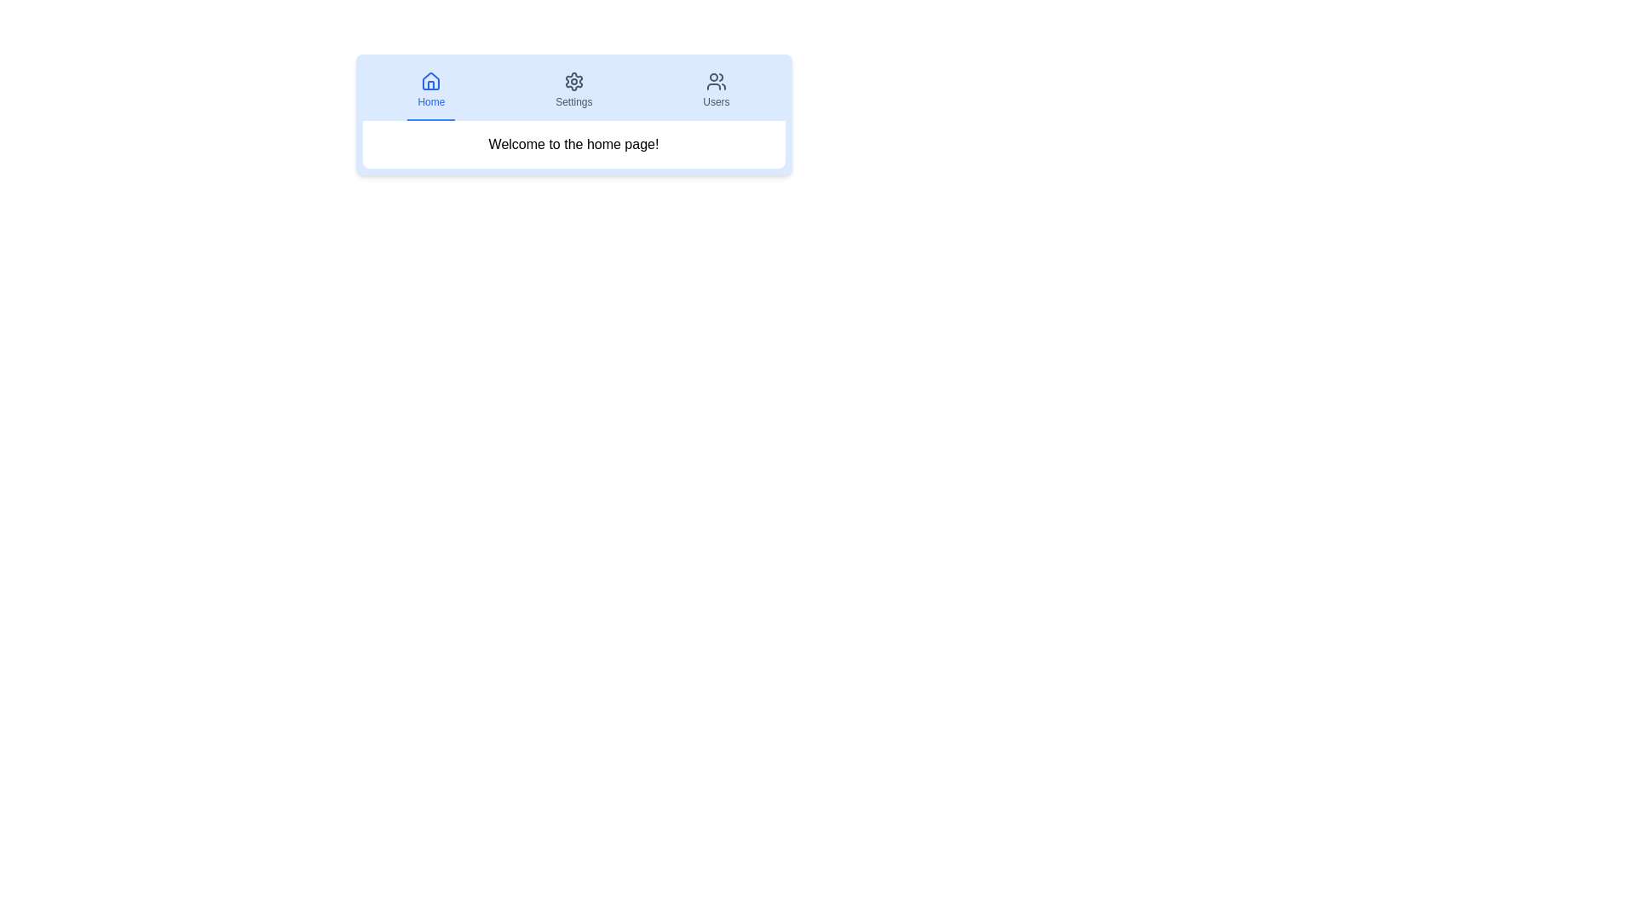 This screenshot has width=1636, height=920. What do you see at coordinates (716, 91) in the screenshot?
I see `the Users tab by clicking on it` at bounding box center [716, 91].